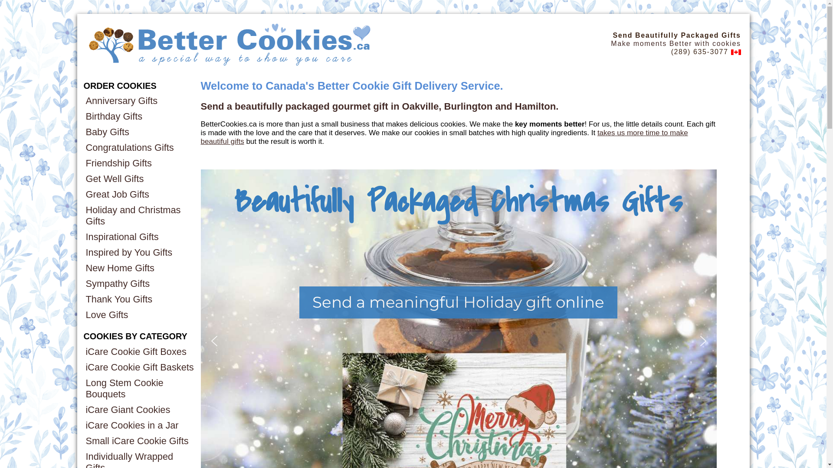  I want to click on 'Anniversary Gifts', so click(139, 100).